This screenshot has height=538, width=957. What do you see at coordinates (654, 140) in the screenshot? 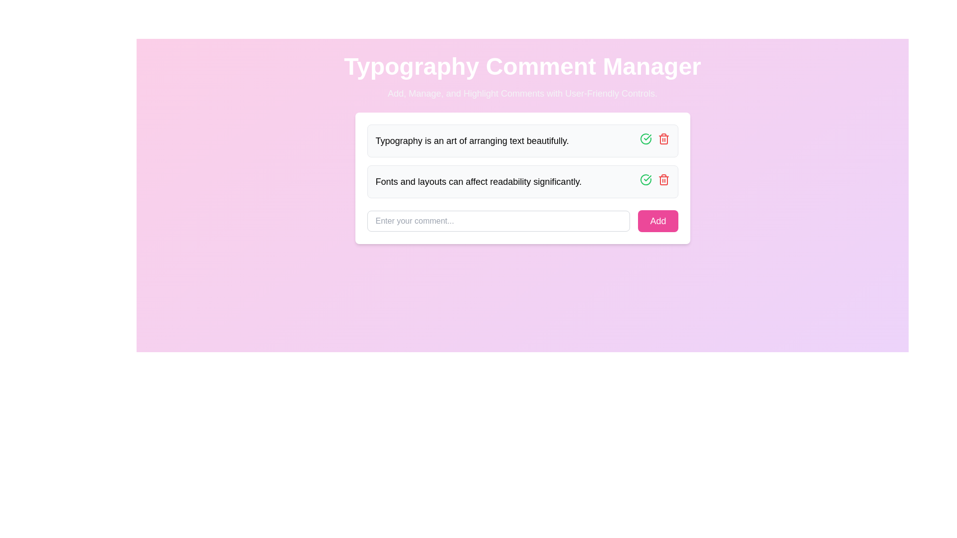
I see `the Action button group consisting of a green circular checkmark and a red trash bin icon, located in the first comment panel with the text 'Typography is an art of arranging text beautifully.'` at bounding box center [654, 140].